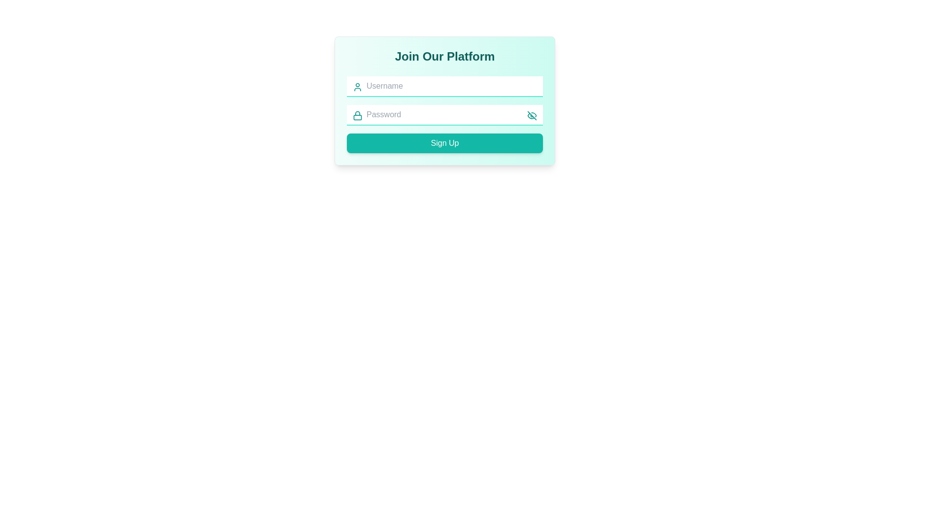 This screenshot has height=532, width=946. What do you see at coordinates (357, 115) in the screenshot?
I see `the password field icon located on the left side of the password input field, which visually denotes that the input is for entering a password` at bounding box center [357, 115].